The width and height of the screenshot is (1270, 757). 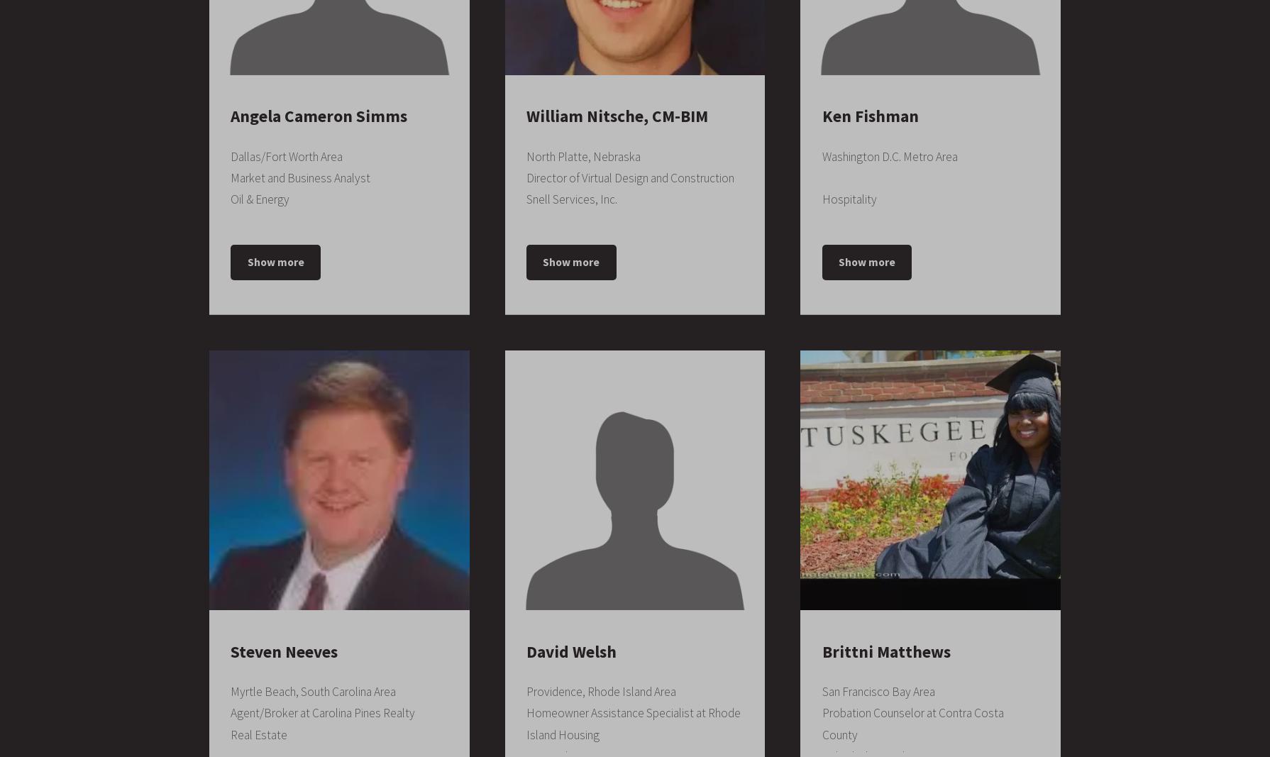 I want to click on 'General Motors', so click(x=566, y=115).